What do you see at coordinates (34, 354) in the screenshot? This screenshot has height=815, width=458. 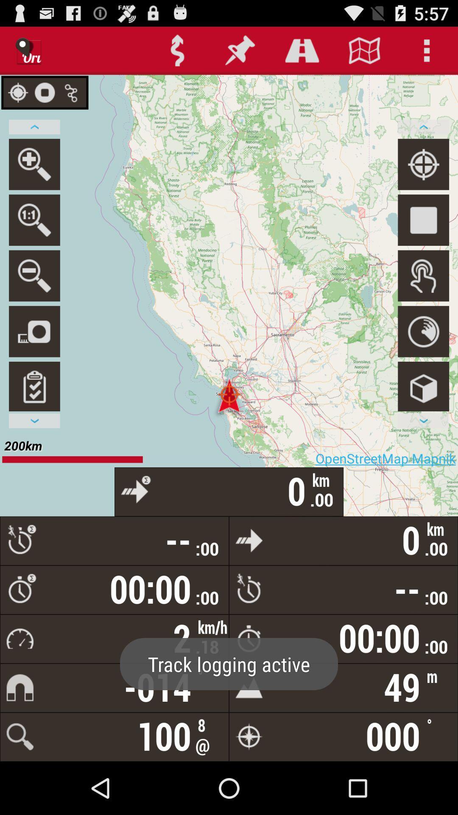 I see `the photo icon` at bounding box center [34, 354].